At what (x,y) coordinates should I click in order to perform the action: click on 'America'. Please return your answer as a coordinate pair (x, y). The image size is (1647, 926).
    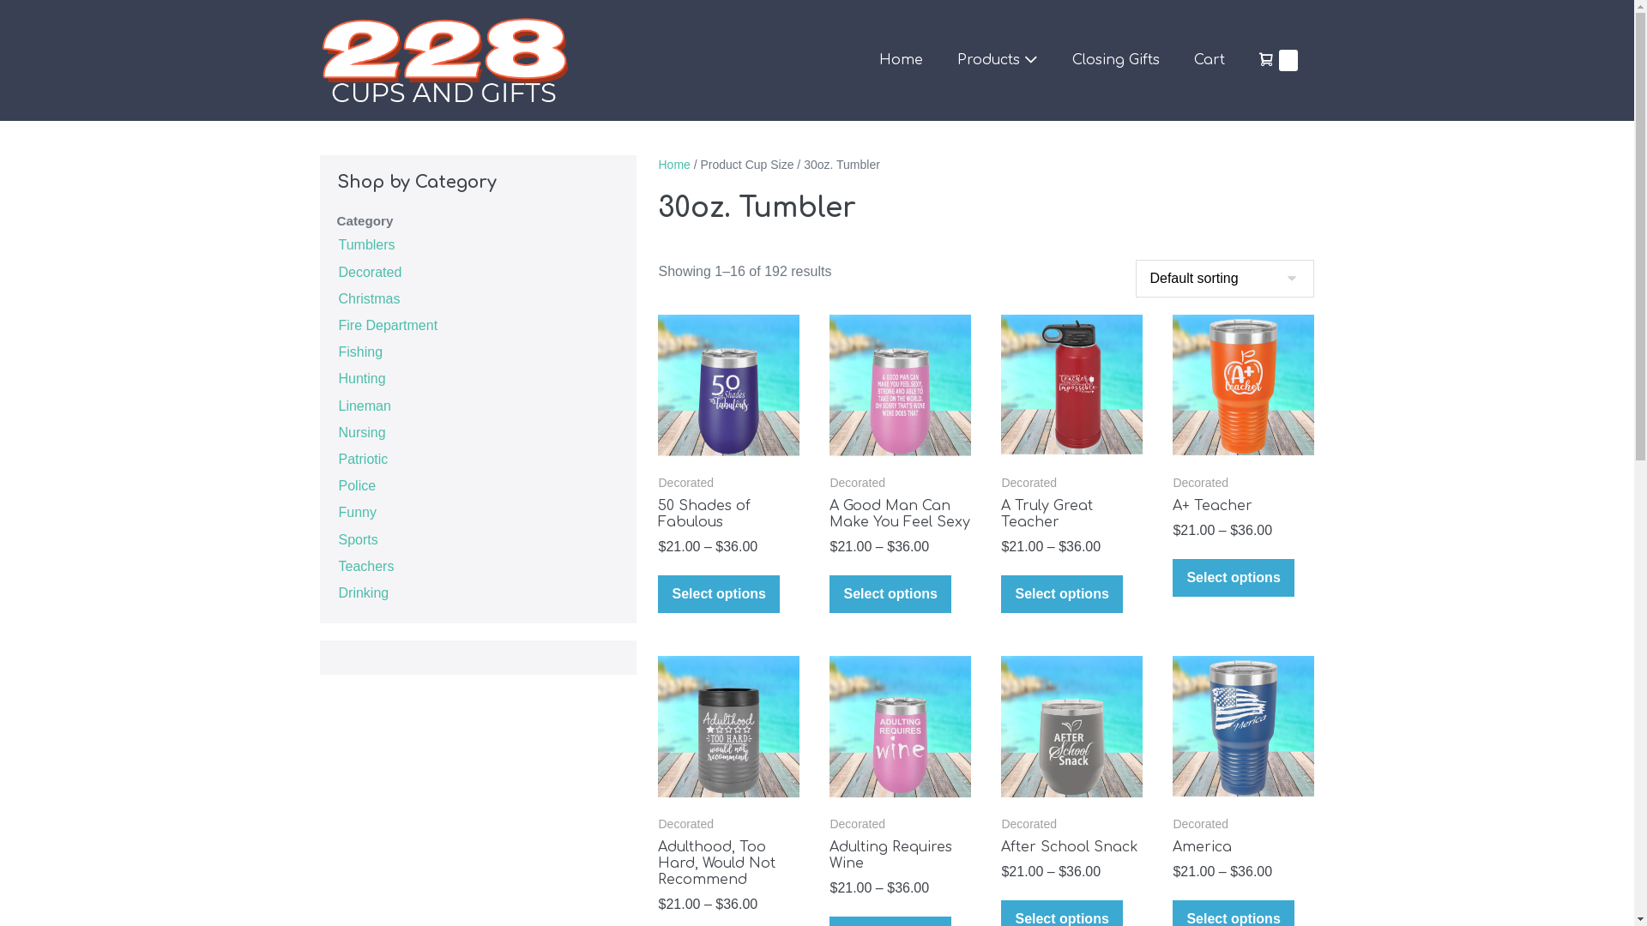
    Looking at the image, I should click on (1243, 846).